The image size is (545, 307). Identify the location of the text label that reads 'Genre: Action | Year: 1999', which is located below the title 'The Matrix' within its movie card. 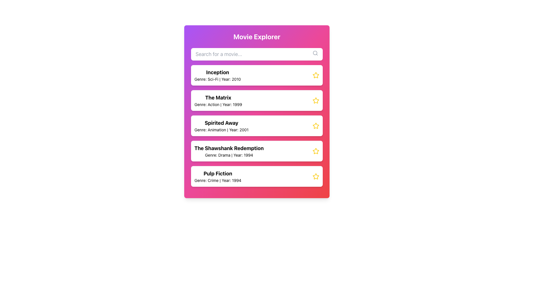
(218, 104).